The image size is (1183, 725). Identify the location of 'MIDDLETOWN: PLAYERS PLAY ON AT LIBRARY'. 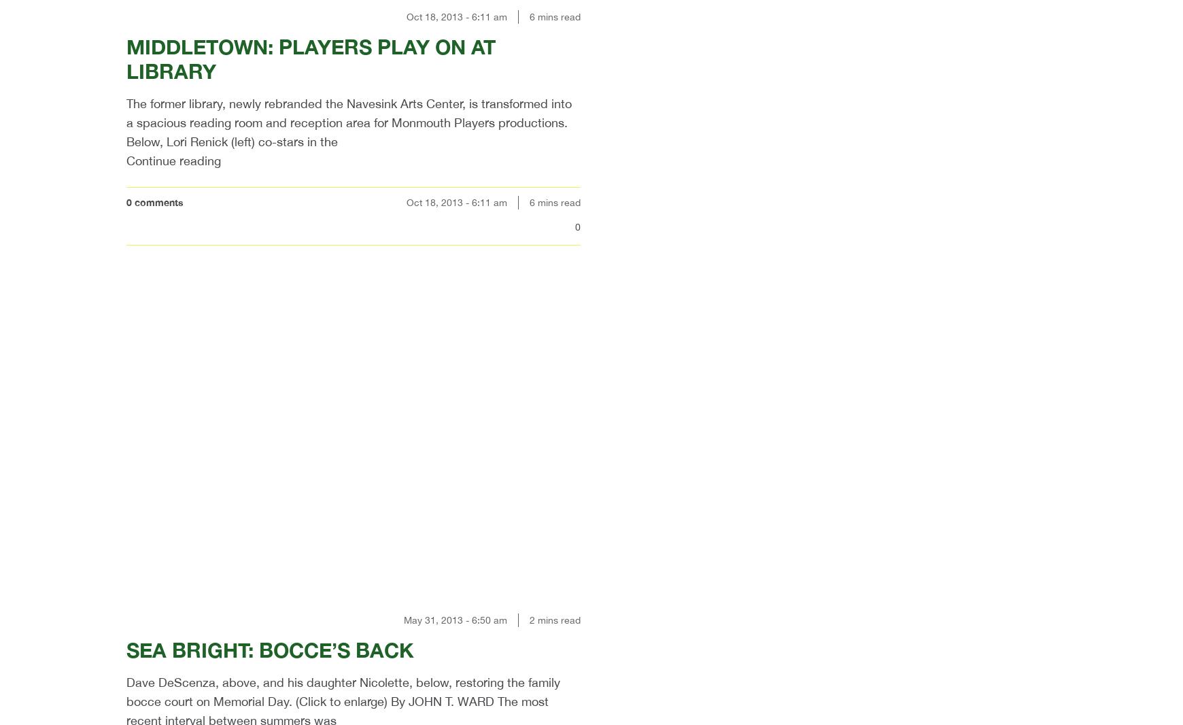
(310, 58).